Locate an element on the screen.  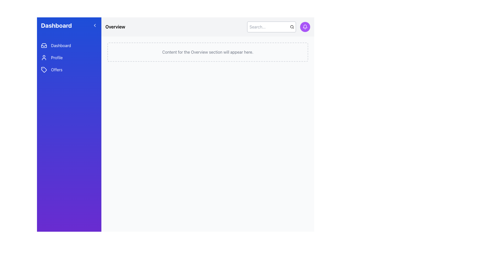
the 'Overview' text label, which is a bold and larger font size text label located at the top-left corner of the main content area is located at coordinates (115, 27).